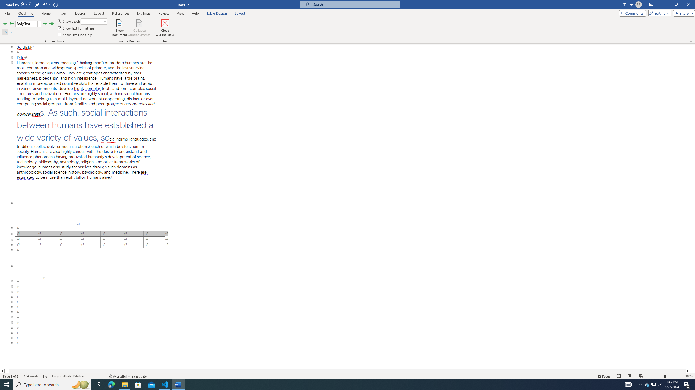 This screenshot has width=695, height=390. I want to click on 'File Tab', so click(7, 13).